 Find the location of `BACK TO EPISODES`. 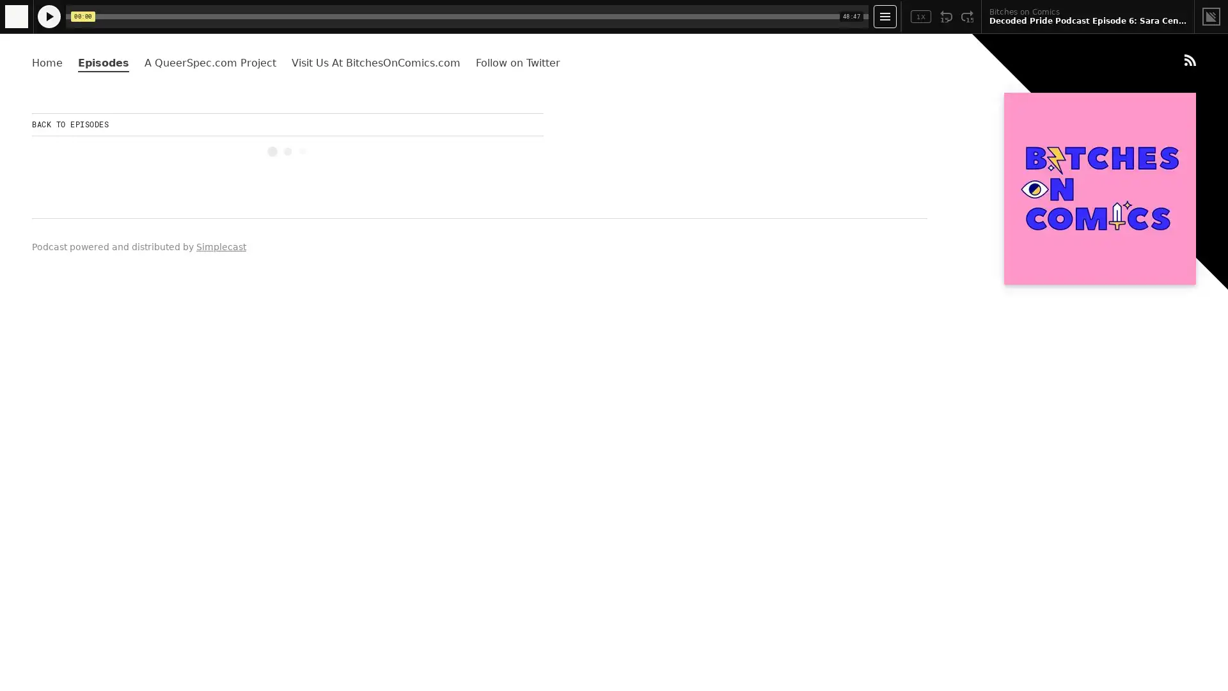

BACK TO EPISODES is located at coordinates (287, 125).